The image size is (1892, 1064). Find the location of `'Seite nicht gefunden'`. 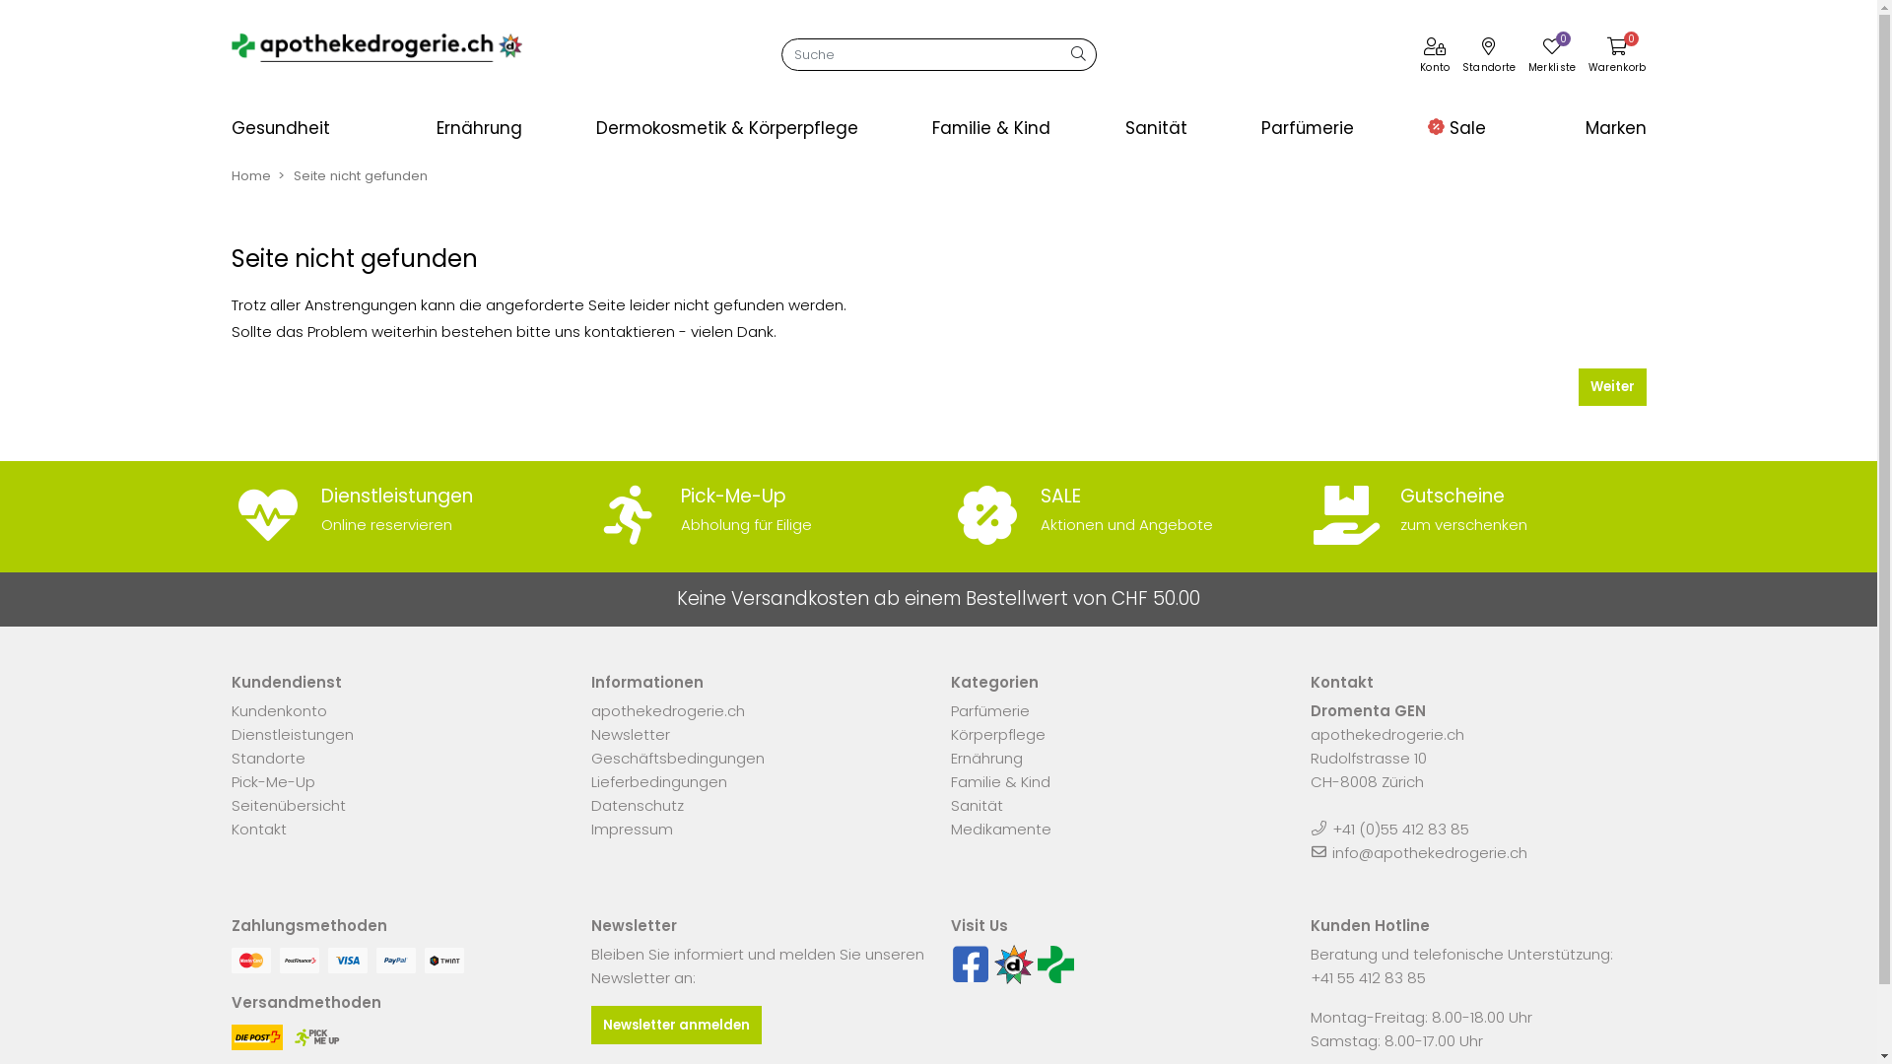

'Seite nicht gefunden' is located at coordinates (360, 174).